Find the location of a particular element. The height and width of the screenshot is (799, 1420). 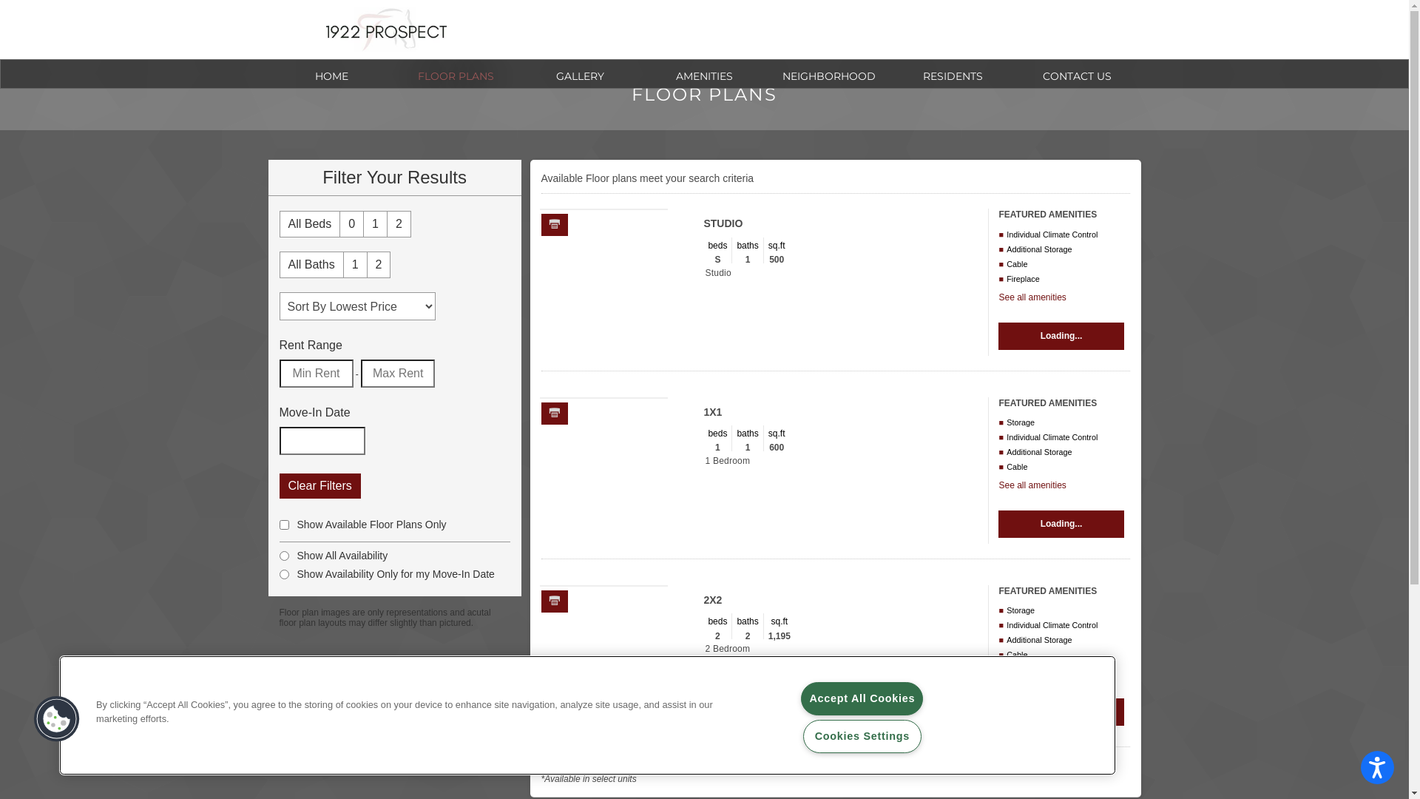

'1' is located at coordinates (375, 224).